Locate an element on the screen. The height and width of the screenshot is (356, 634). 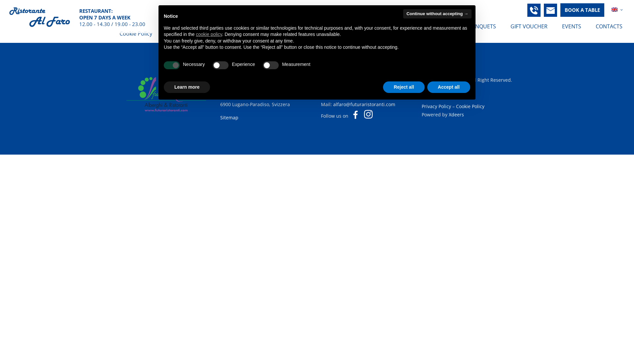
'Sitemap' is located at coordinates (229, 117).